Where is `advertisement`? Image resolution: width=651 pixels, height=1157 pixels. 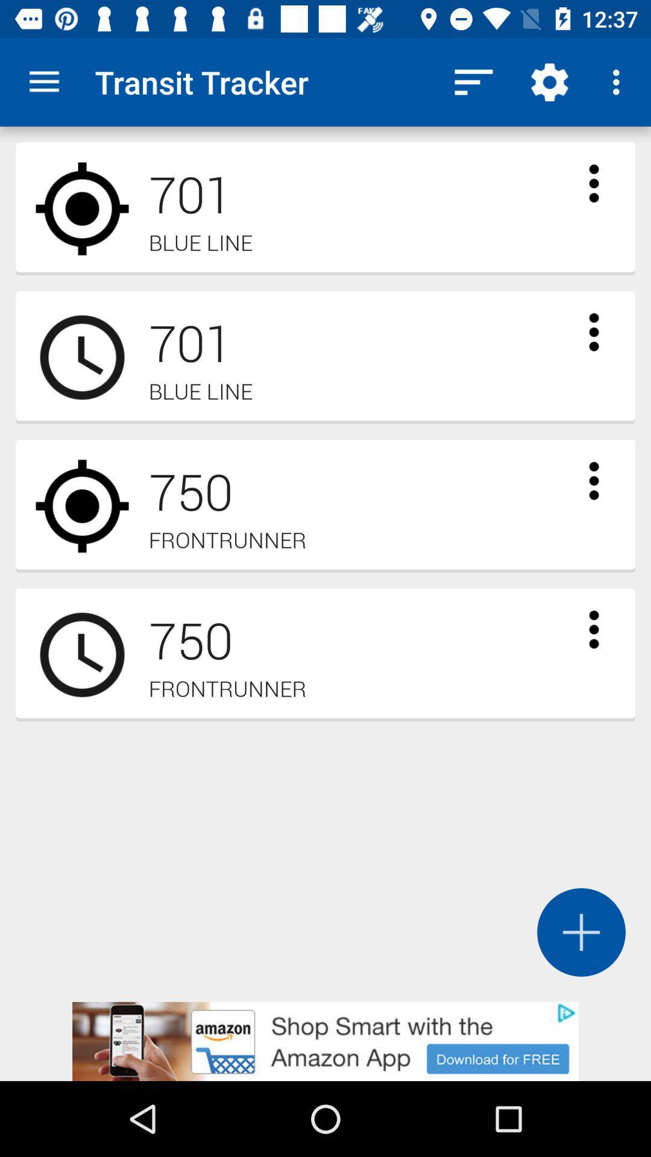
advertisement is located at coordinates (325, 1041).